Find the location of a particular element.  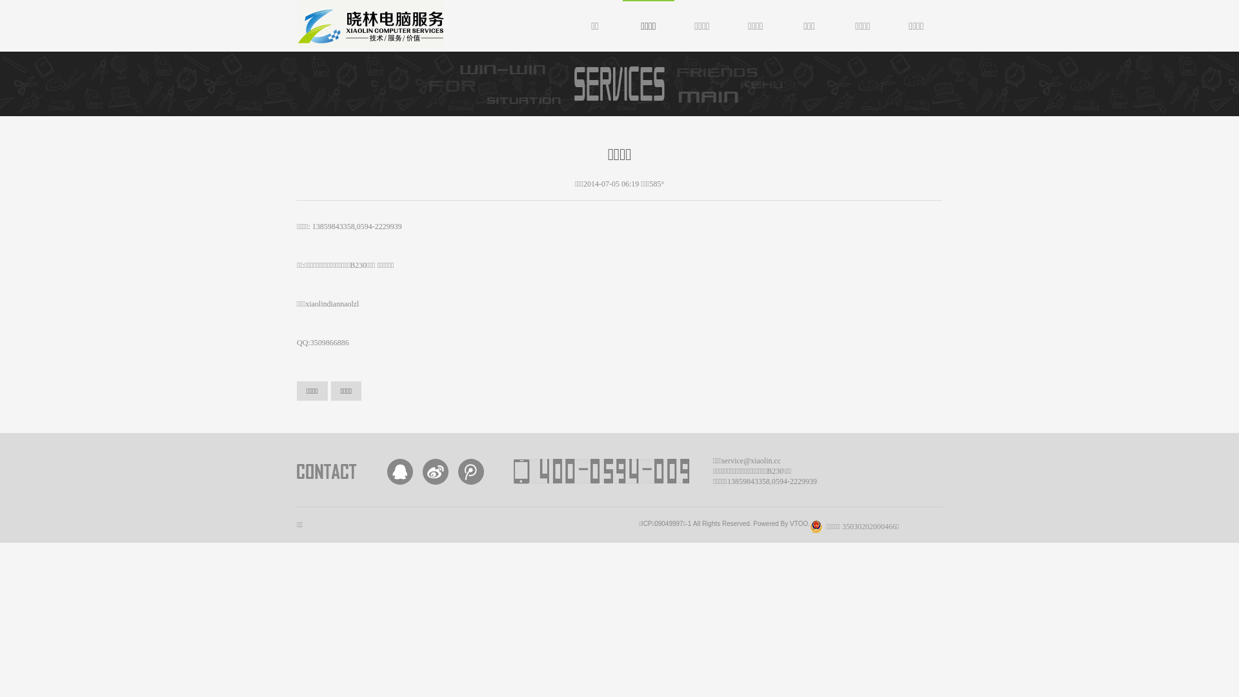

'service@xiaolin.cc' is located at coordinates (750, 460).